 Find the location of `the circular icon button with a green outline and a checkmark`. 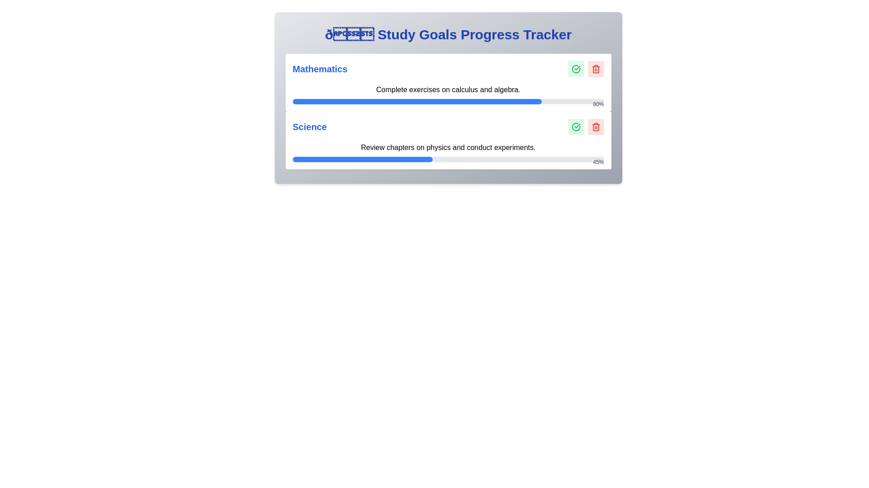

the circular icon button with a green outline and a checkmark is located at coordinates (575, 69).